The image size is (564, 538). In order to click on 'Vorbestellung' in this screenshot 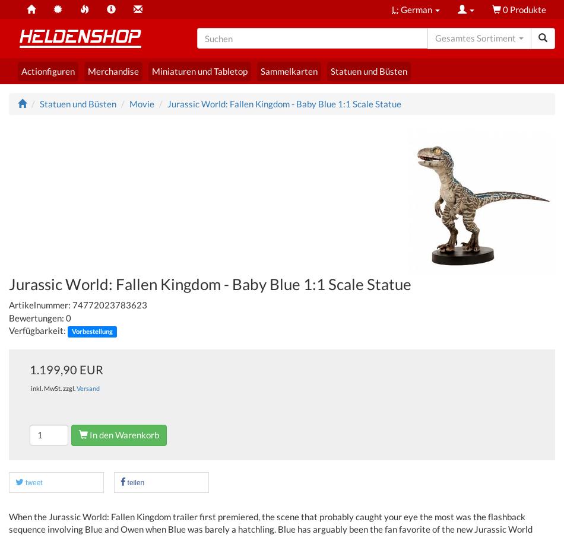, I will do `click(91, 331)`.